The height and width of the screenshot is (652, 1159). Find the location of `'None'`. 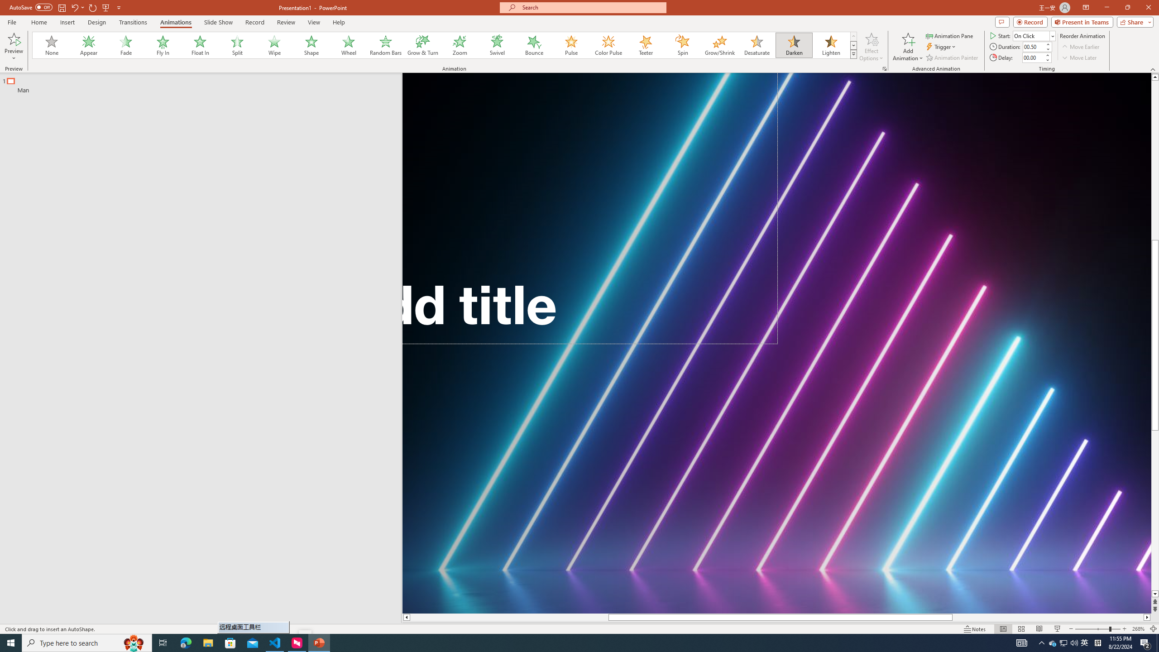

'None' is located at coordinates (52, 45).